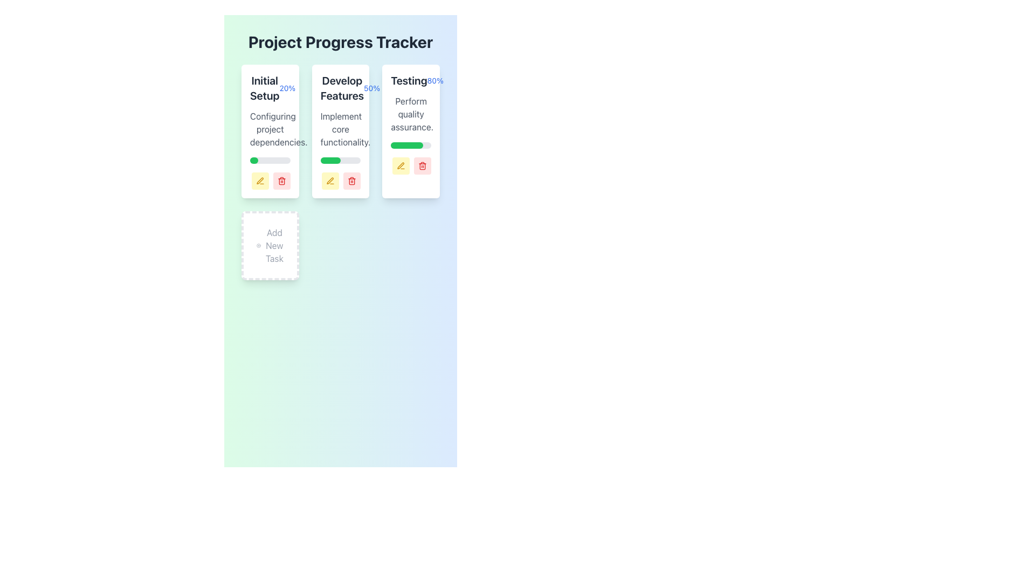 The image size is (1035, 582). I want to click on the progress bar located at the bottom of the 'Develop Features' card, which has a gray background and a green segment indicating 50% progress, so click(340, 160).